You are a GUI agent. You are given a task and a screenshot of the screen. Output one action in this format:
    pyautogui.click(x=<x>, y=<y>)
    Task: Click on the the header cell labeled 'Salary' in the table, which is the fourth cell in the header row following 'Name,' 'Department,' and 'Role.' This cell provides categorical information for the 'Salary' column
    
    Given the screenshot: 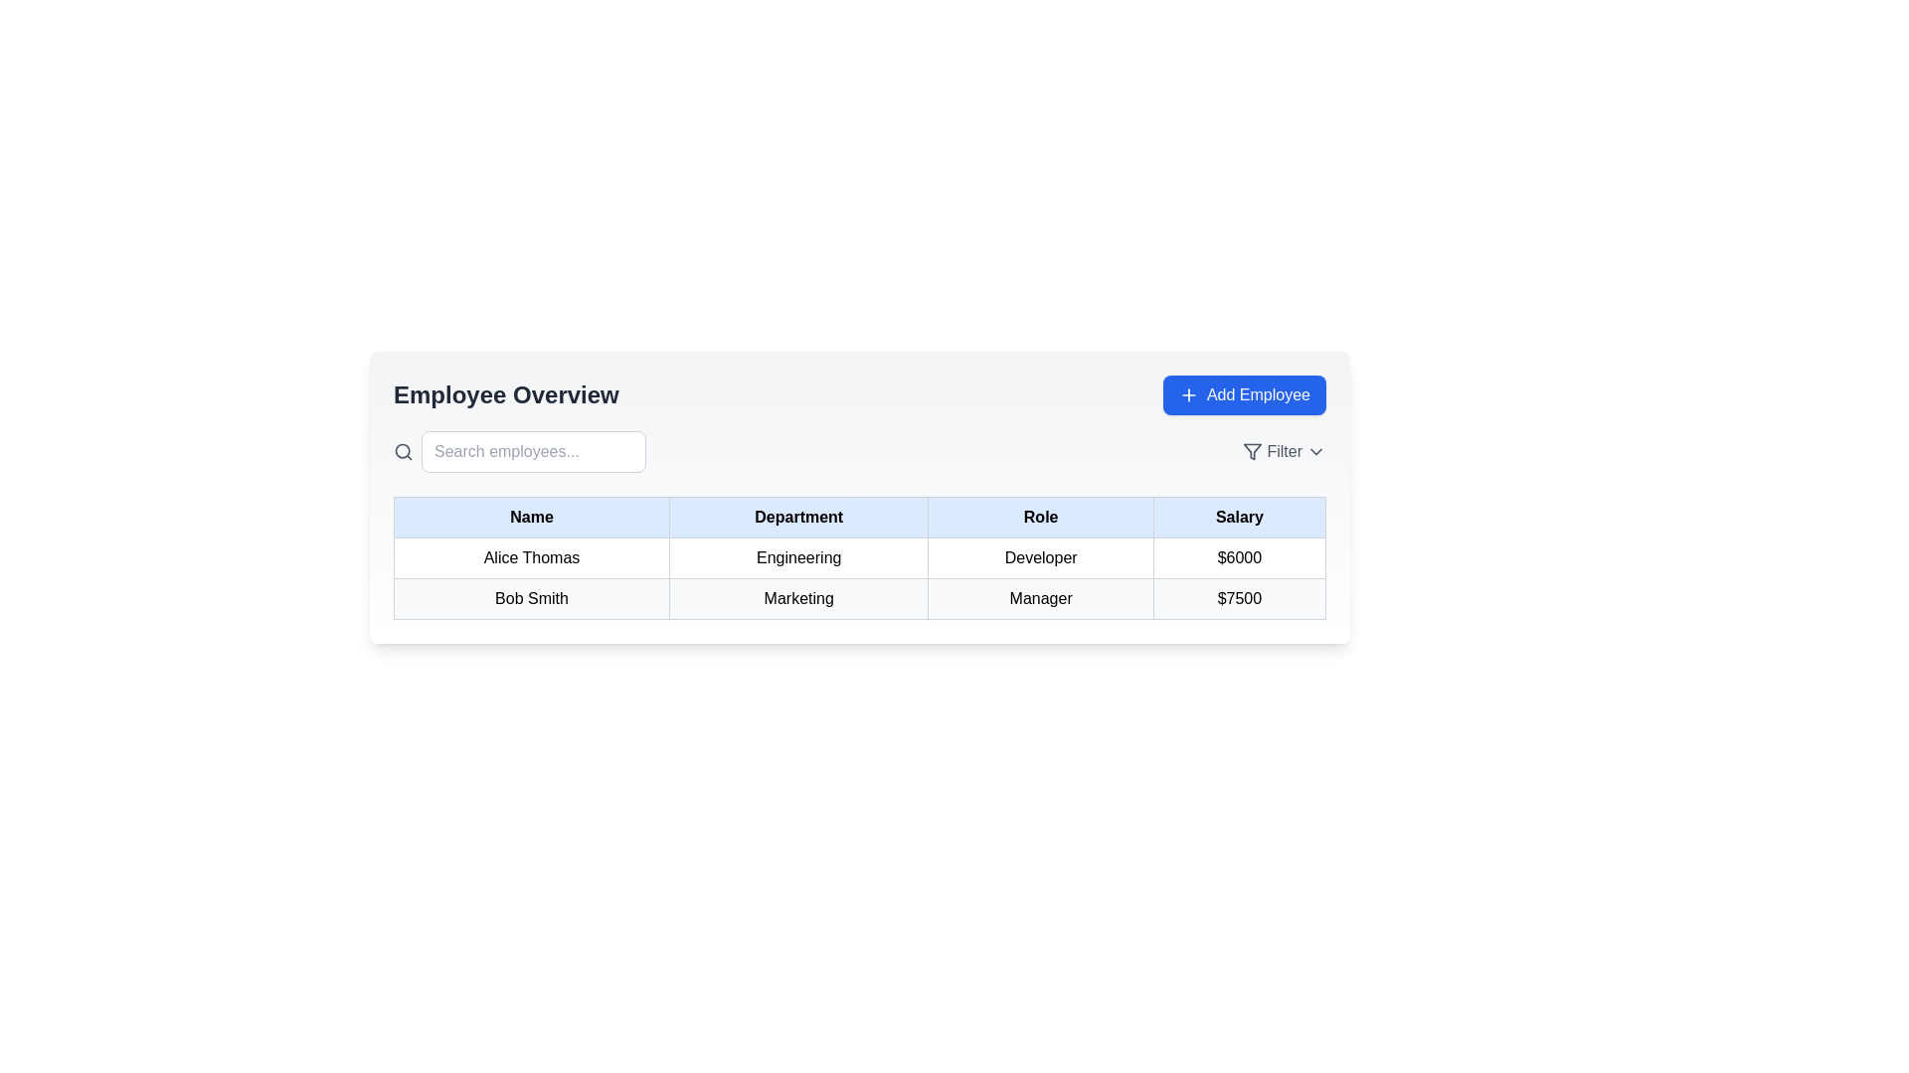 What is the action you would take?
    pyautogui.click(x=1238, y=516)
    